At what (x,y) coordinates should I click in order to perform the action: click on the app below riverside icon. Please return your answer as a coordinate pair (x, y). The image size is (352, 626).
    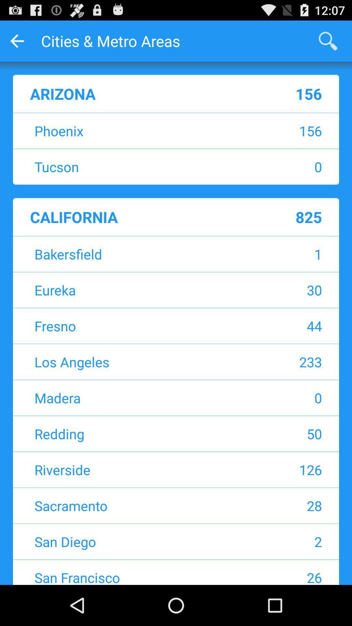
    Looking at the image, I should click on (135, 505).